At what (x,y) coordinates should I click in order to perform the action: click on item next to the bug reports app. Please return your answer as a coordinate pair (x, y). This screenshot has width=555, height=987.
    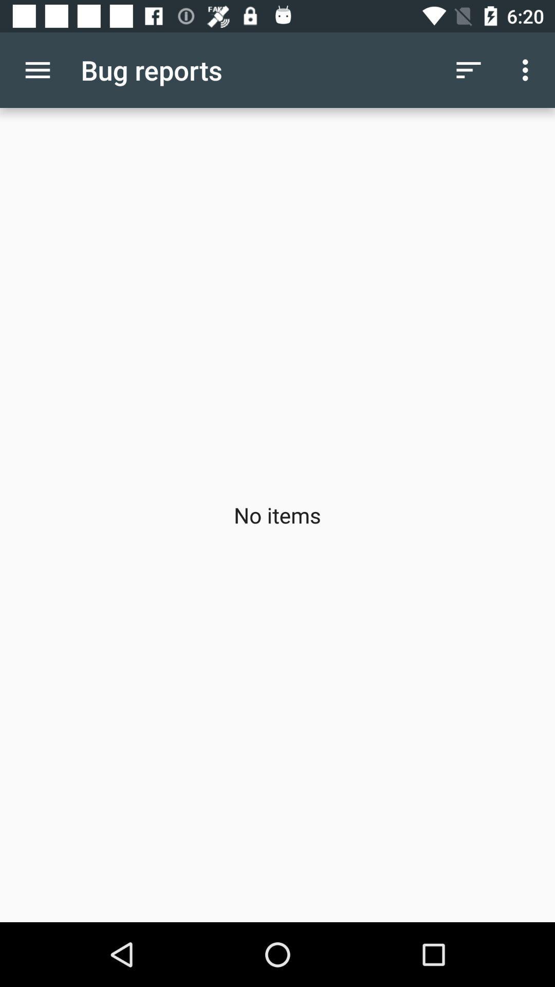
    Looking at the image, I should click on (468, 69).